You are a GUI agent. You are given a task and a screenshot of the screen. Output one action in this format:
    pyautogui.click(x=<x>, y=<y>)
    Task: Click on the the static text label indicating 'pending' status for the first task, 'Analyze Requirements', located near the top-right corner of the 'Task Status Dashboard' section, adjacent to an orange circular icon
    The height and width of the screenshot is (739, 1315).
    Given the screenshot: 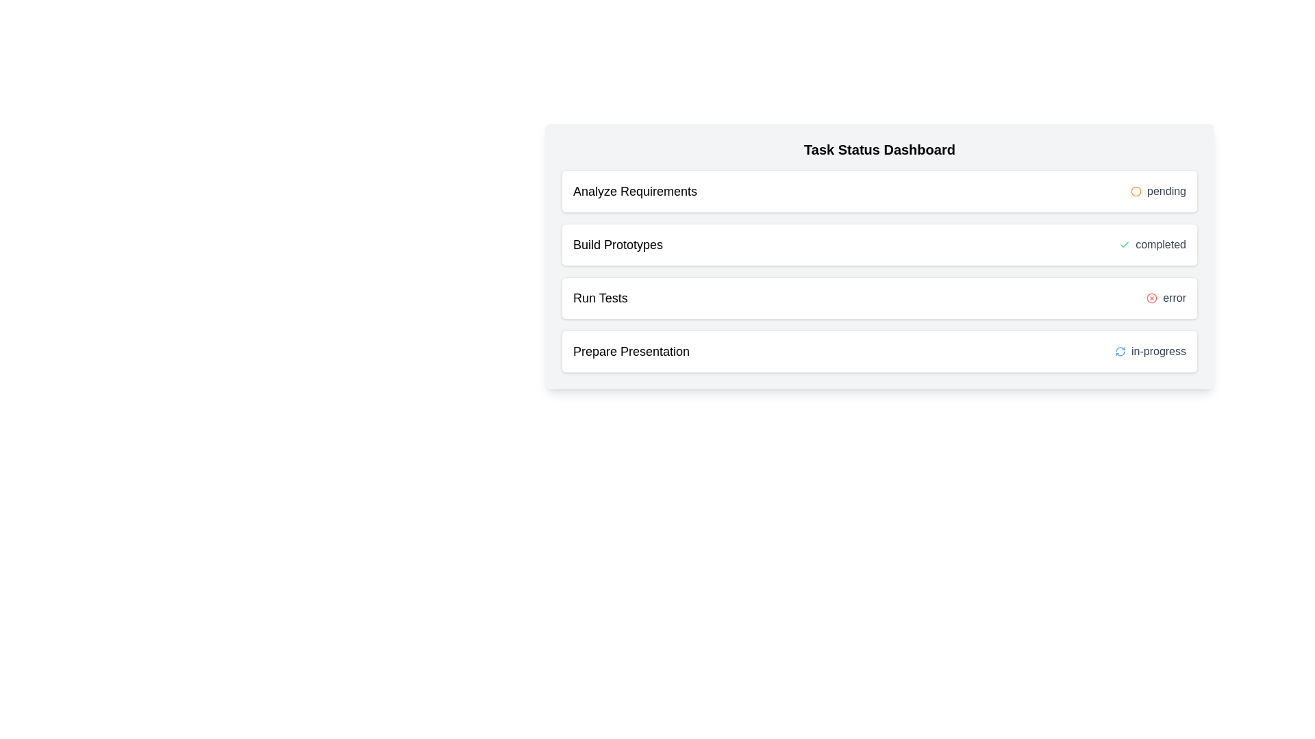 What is the action you would take?
    pyautogui.click(x=1166, y=192)
    